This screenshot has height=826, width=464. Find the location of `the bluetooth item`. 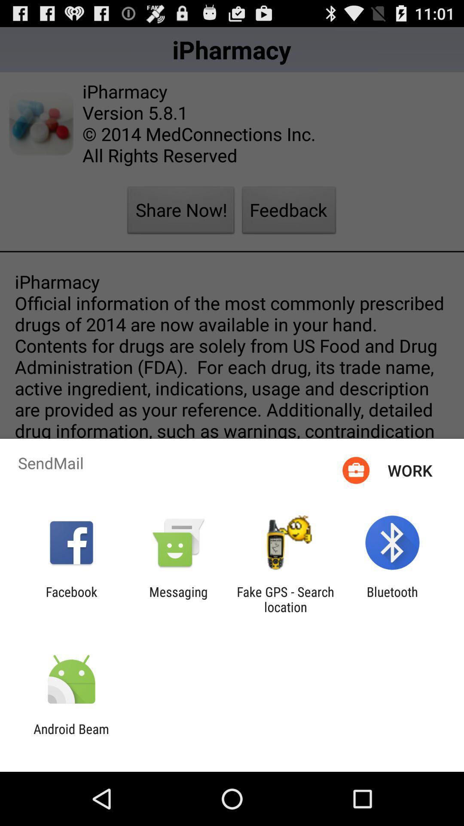

the bluetooth item is located at coordinates (392, 599).